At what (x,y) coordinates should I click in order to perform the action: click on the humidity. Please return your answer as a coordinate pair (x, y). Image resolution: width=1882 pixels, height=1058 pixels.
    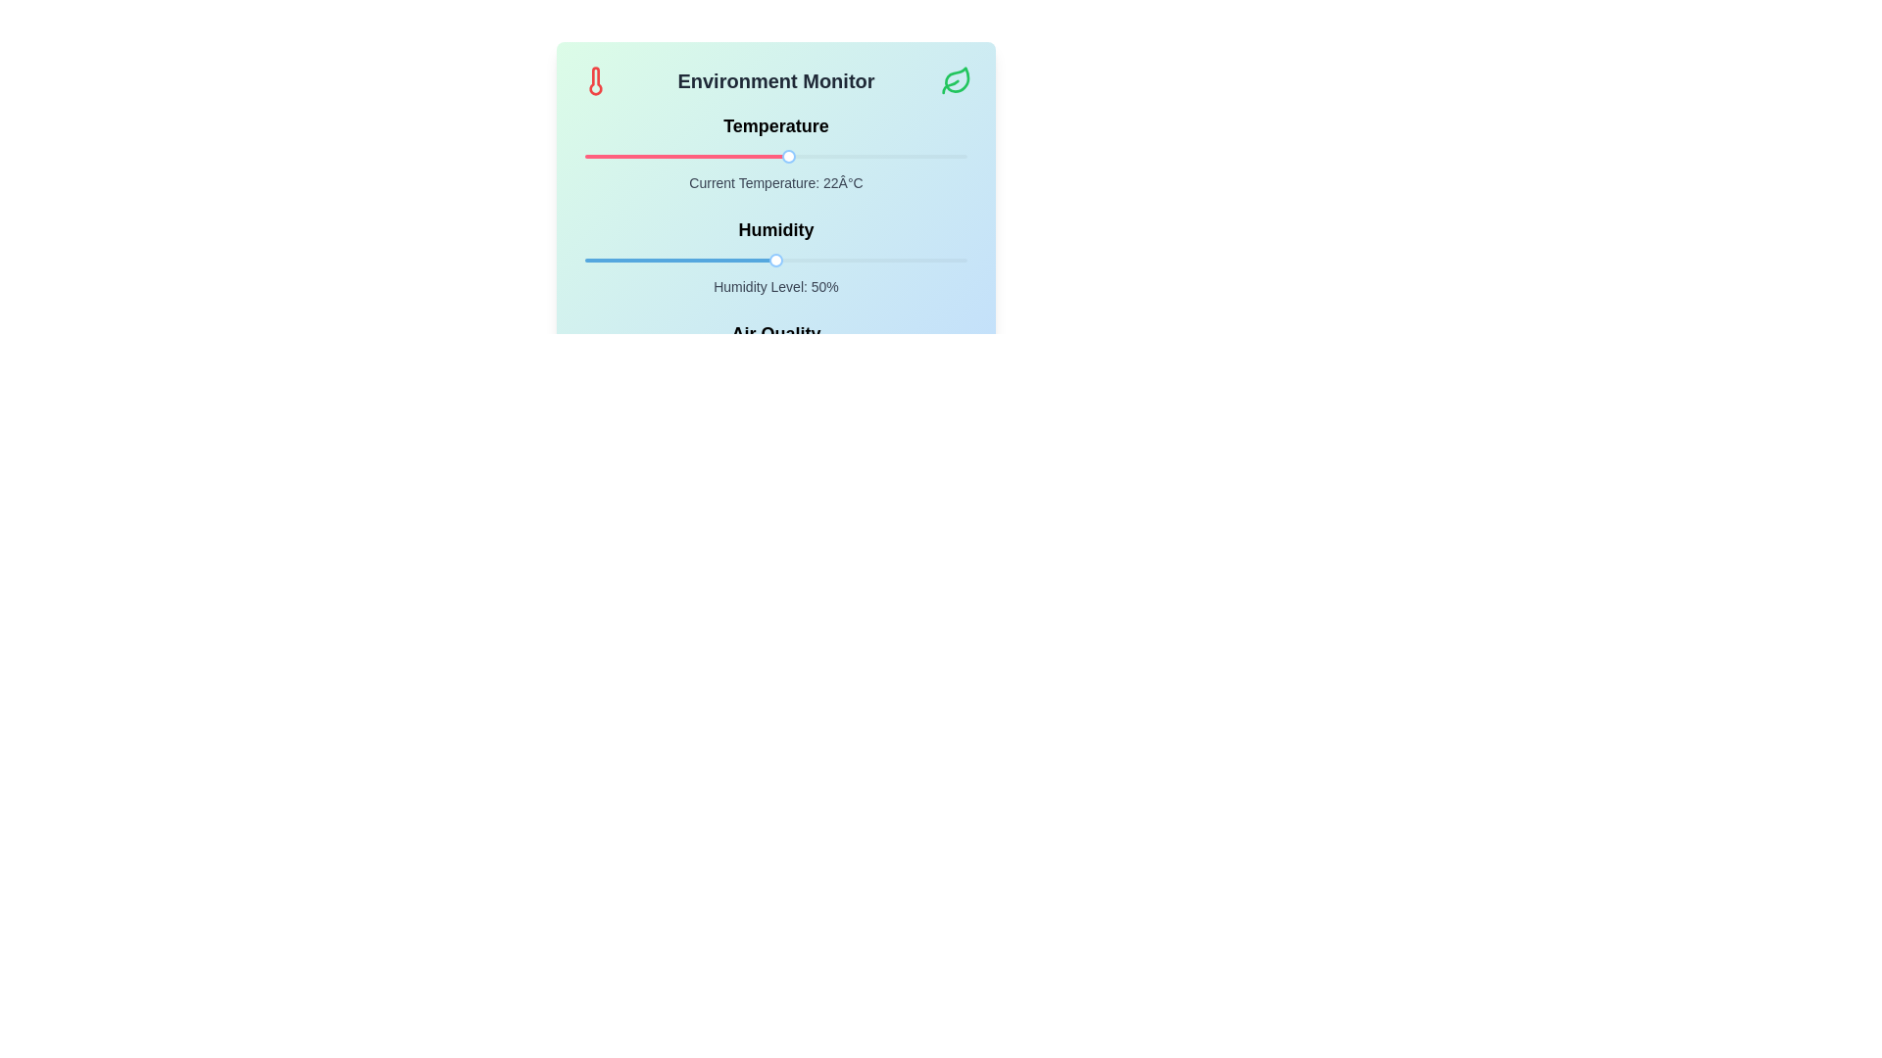
    Looking at the image, I should click on (744, 260).